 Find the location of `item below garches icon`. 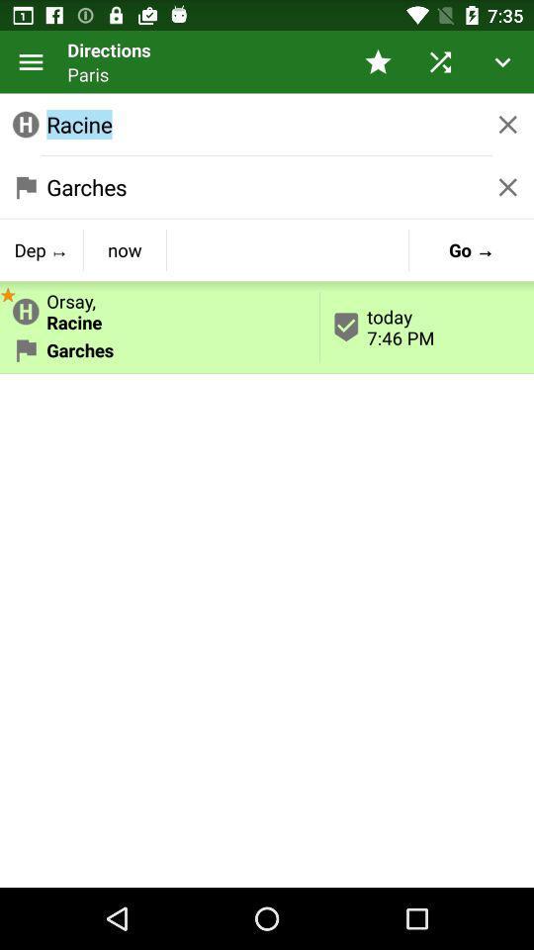

item below garches icon is located at coordinates (125, 248).